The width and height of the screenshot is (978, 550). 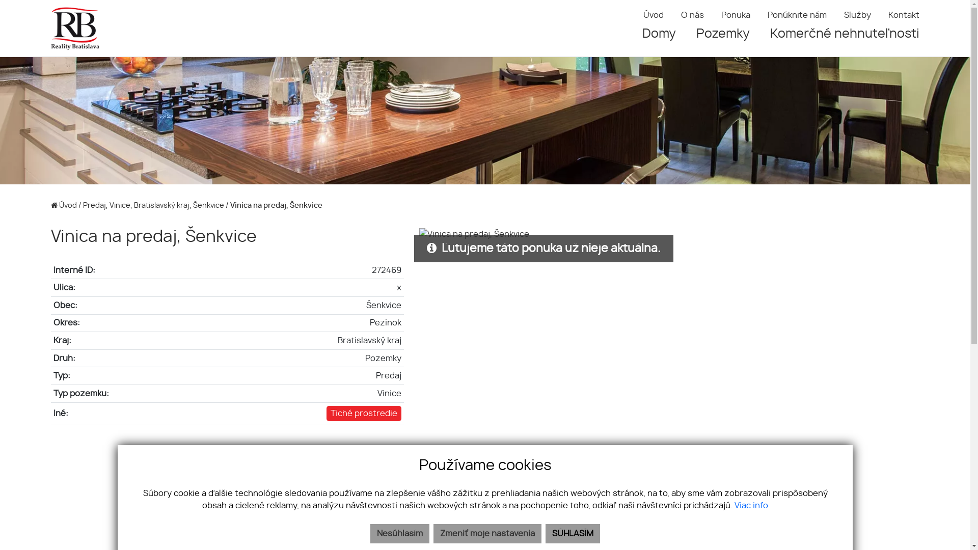 What do you see at coordinates (659, 33) in the screenshot?
I see `'Domy'` at bounding box center [659, 33].